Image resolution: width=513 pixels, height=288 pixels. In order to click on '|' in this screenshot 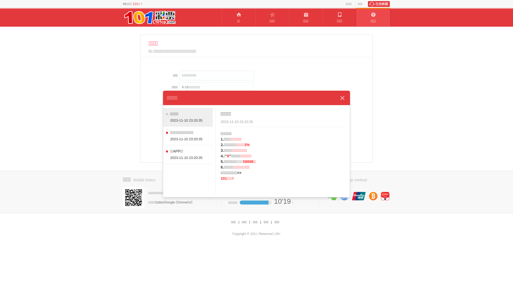, I will do `click(271, 222)`.